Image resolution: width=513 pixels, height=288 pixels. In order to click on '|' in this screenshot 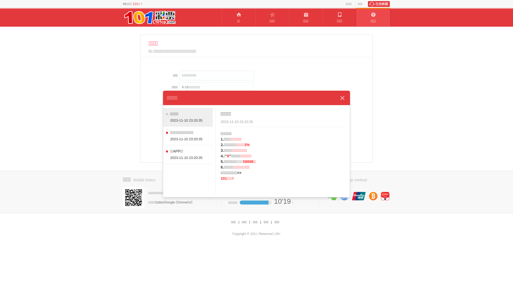, I will do `click(271, 222)`.